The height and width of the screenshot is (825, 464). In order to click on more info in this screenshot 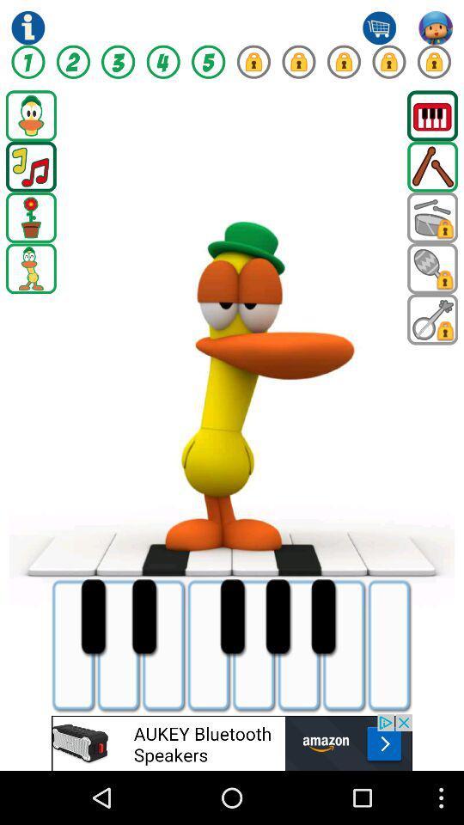, I will do `click(27, 27)`.